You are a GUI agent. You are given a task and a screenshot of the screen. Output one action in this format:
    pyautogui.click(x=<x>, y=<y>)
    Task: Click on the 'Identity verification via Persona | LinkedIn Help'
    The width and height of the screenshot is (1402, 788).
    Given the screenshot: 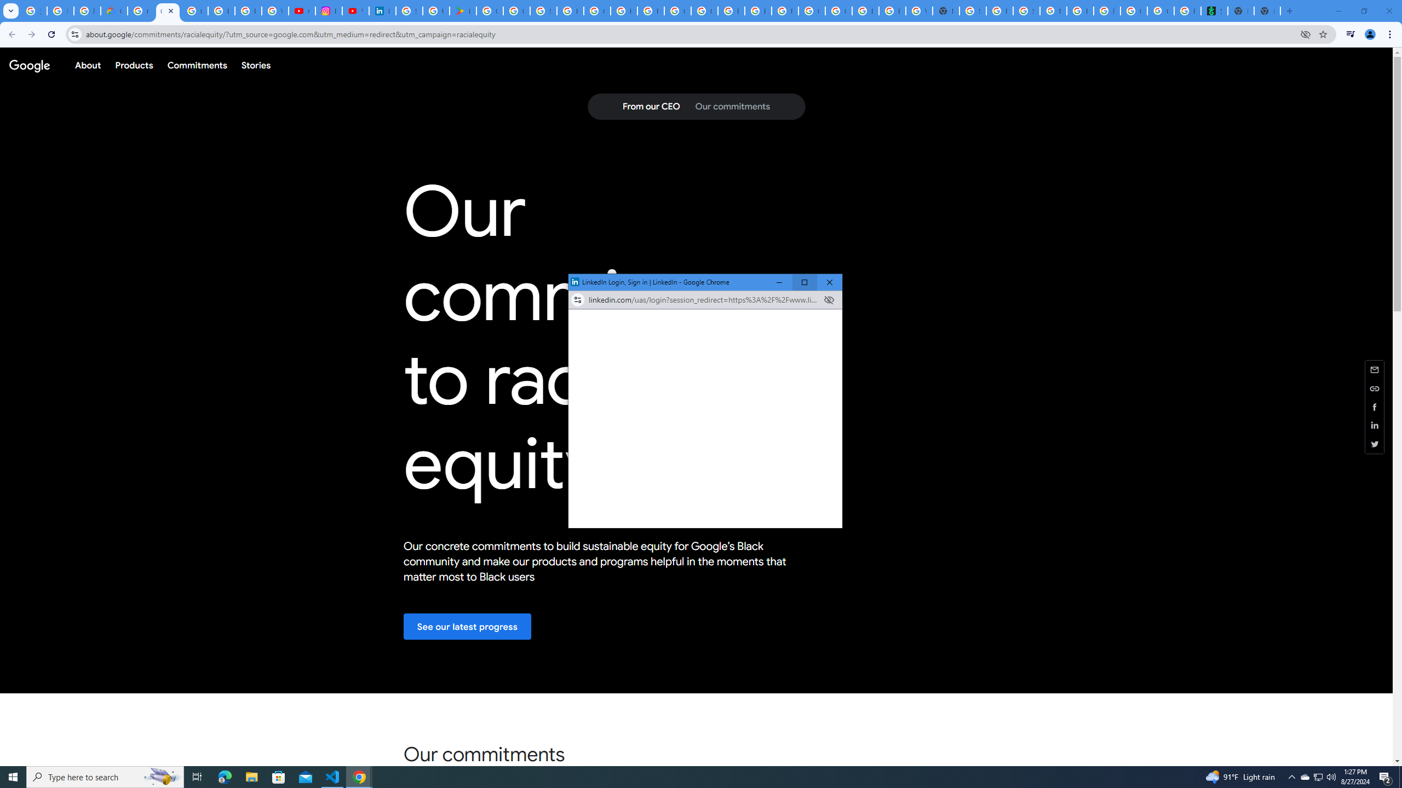 What is the action you would take?
    pyautogui.click(x=382, y=10)
    